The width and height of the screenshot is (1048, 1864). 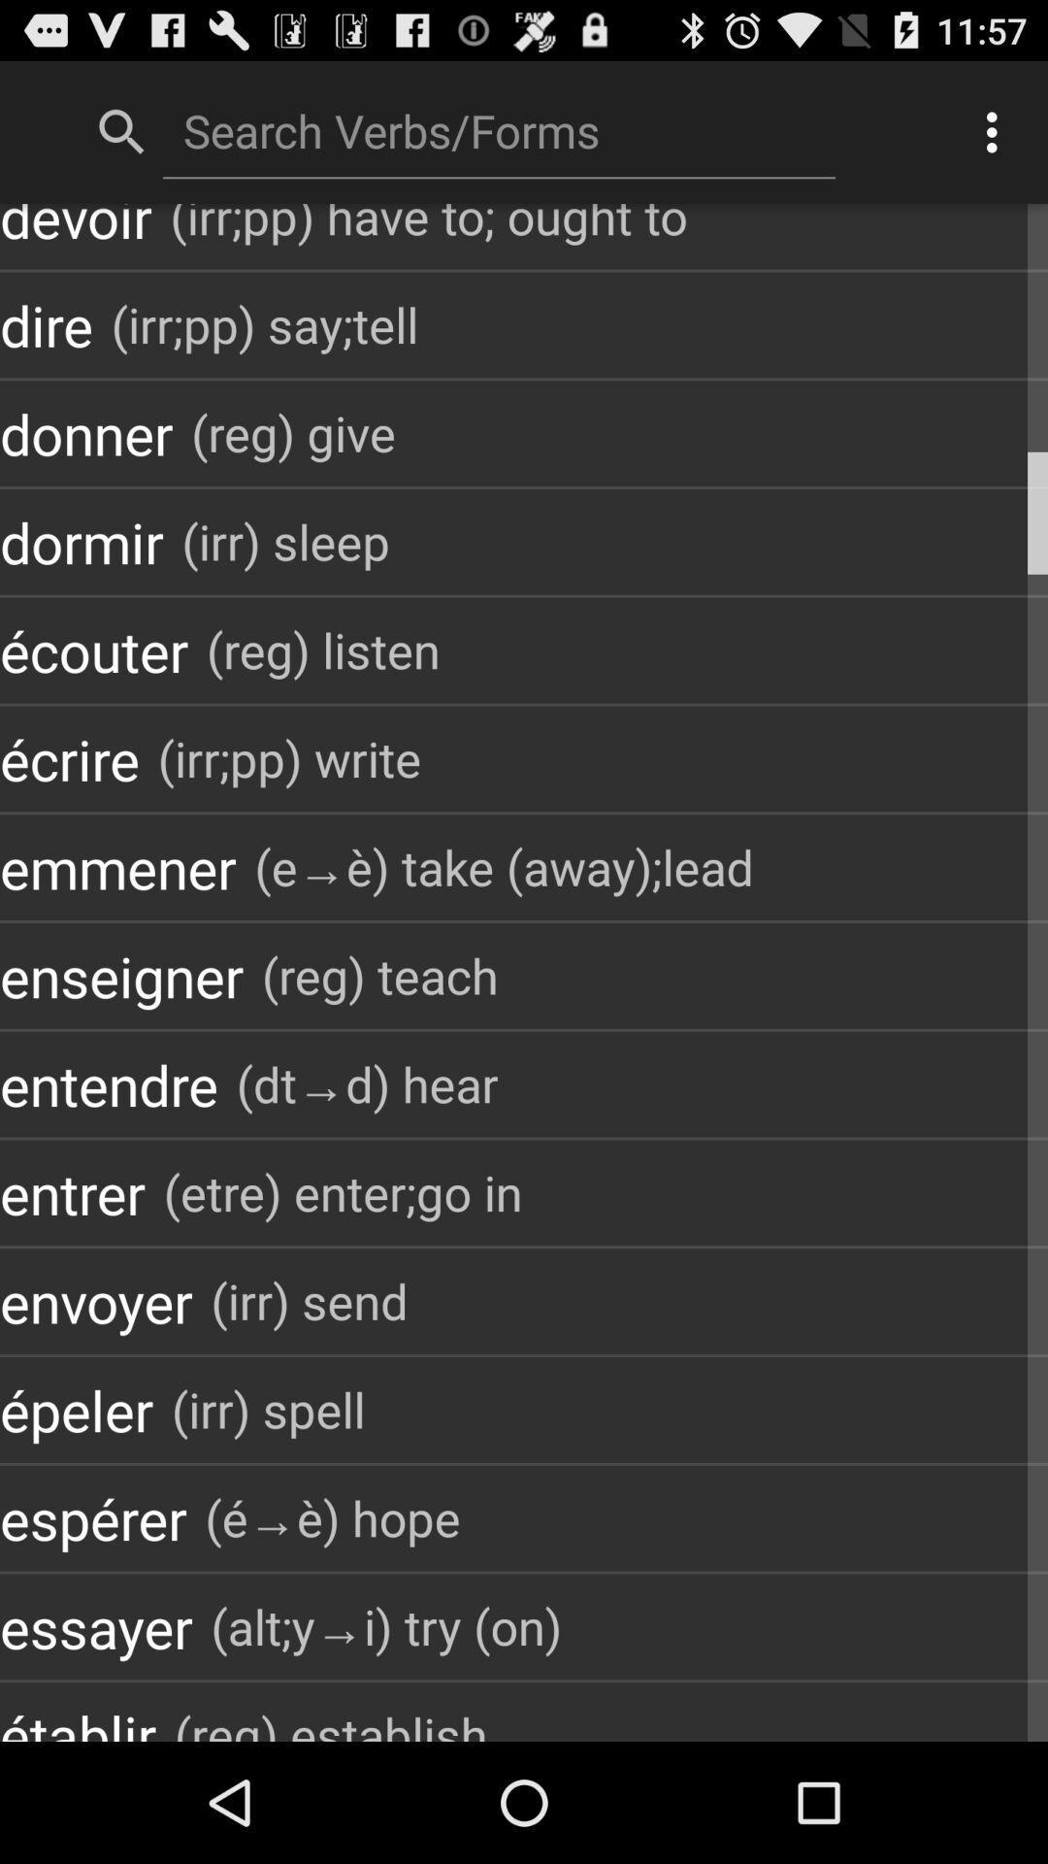 What do you see at coordinates (96, 1626) in the screenshot?
I see `essayer app` at bounding box center [96, 1626].